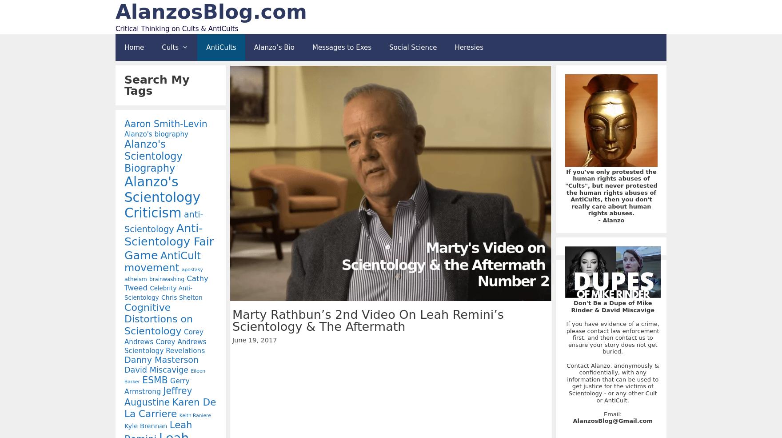  What do you see at coordinates (211, 11) in the screenshot?
I see `'AlanzosBlog.com'` at bounding box center [211, 11].